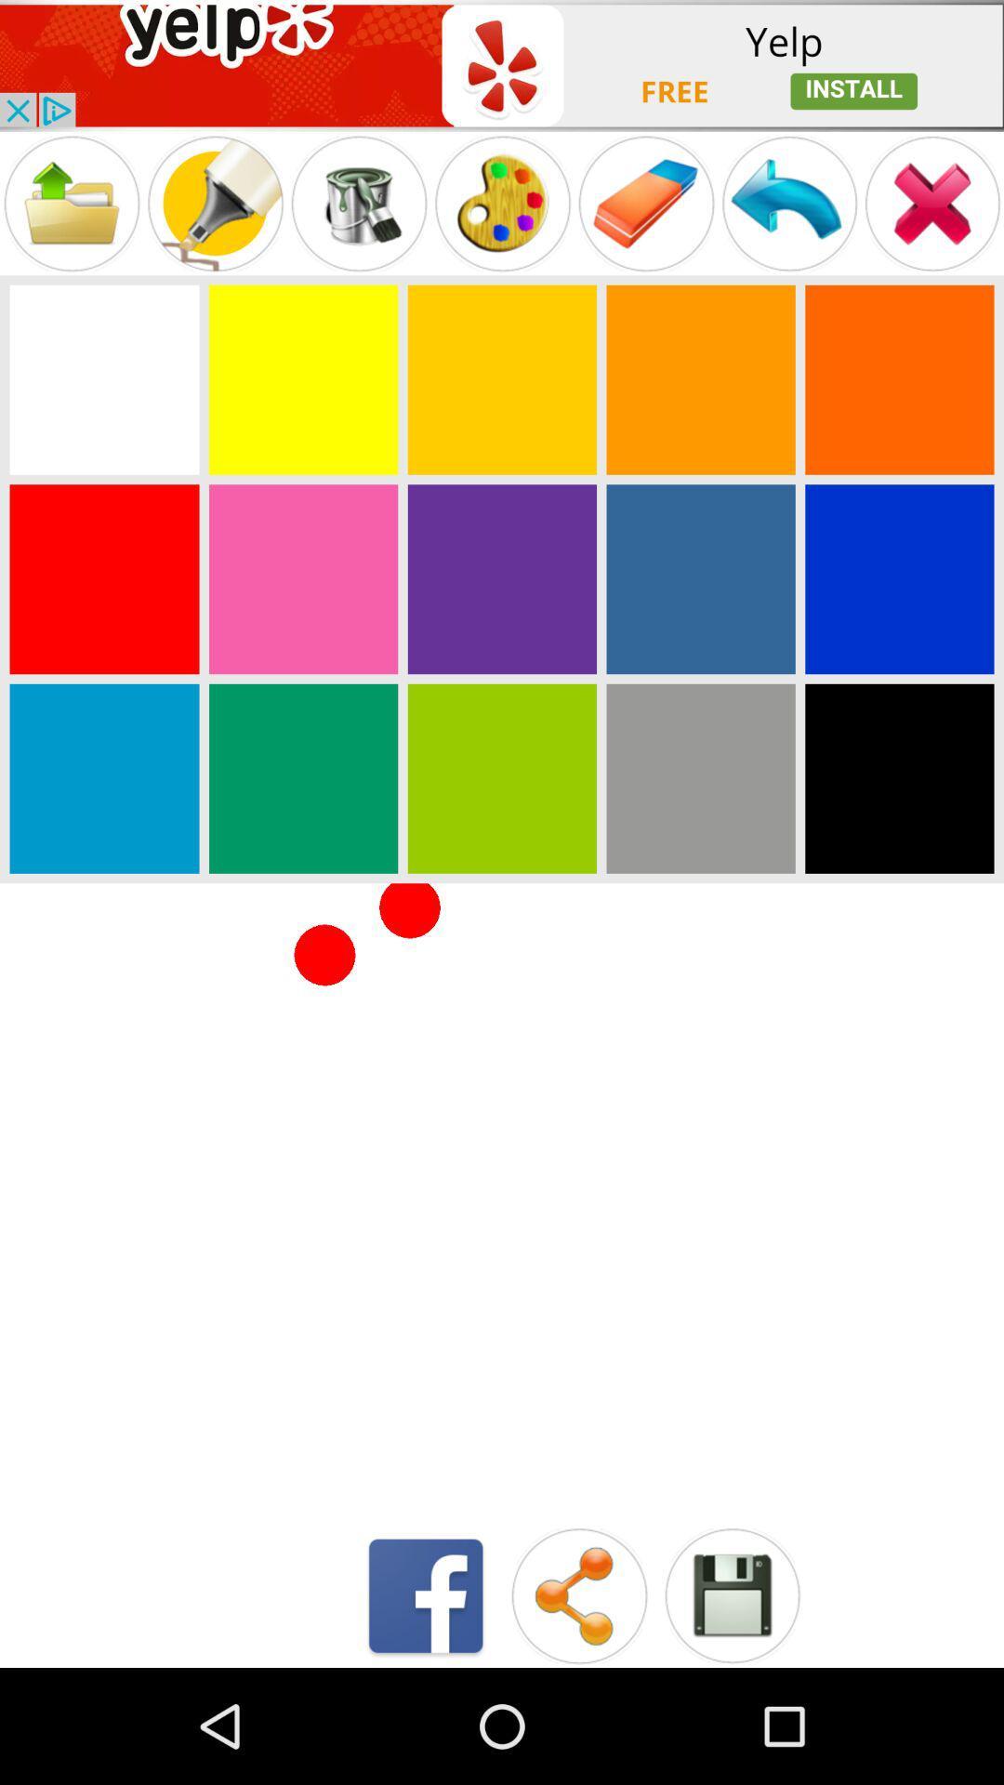 This screenshot has height=1785, width=1004. Describe the element at coordinates (898, 778) in the screenshot. I see `black color button` at that location.